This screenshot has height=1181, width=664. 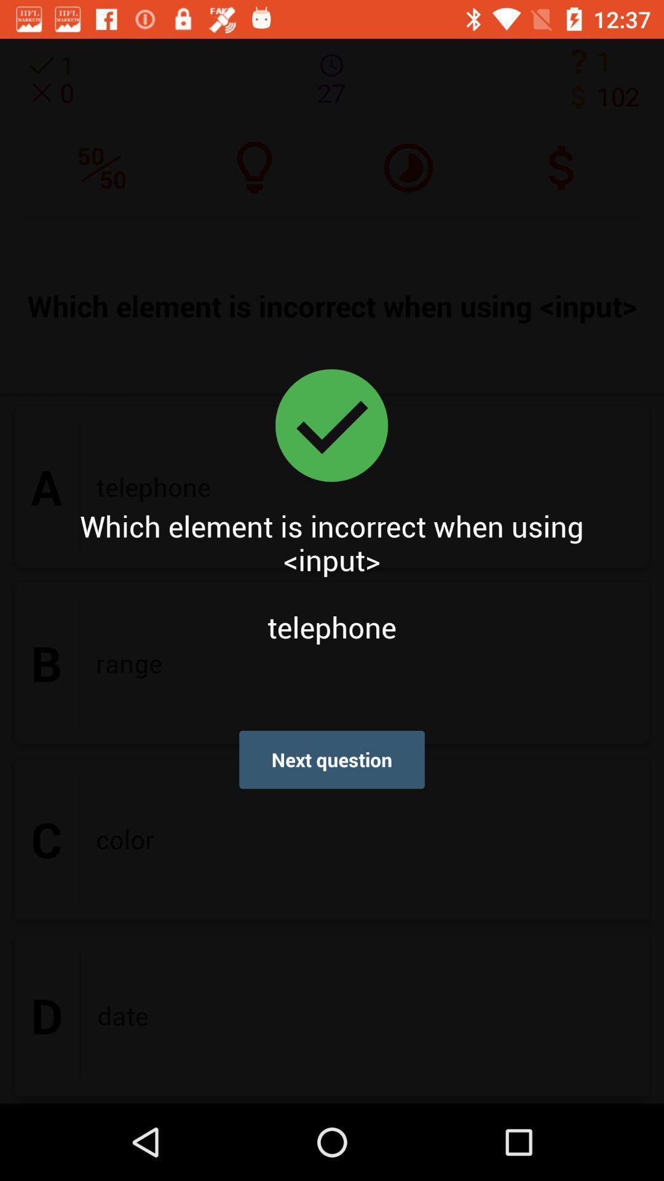 I want to click on the next question, so click(x=332, y=759).